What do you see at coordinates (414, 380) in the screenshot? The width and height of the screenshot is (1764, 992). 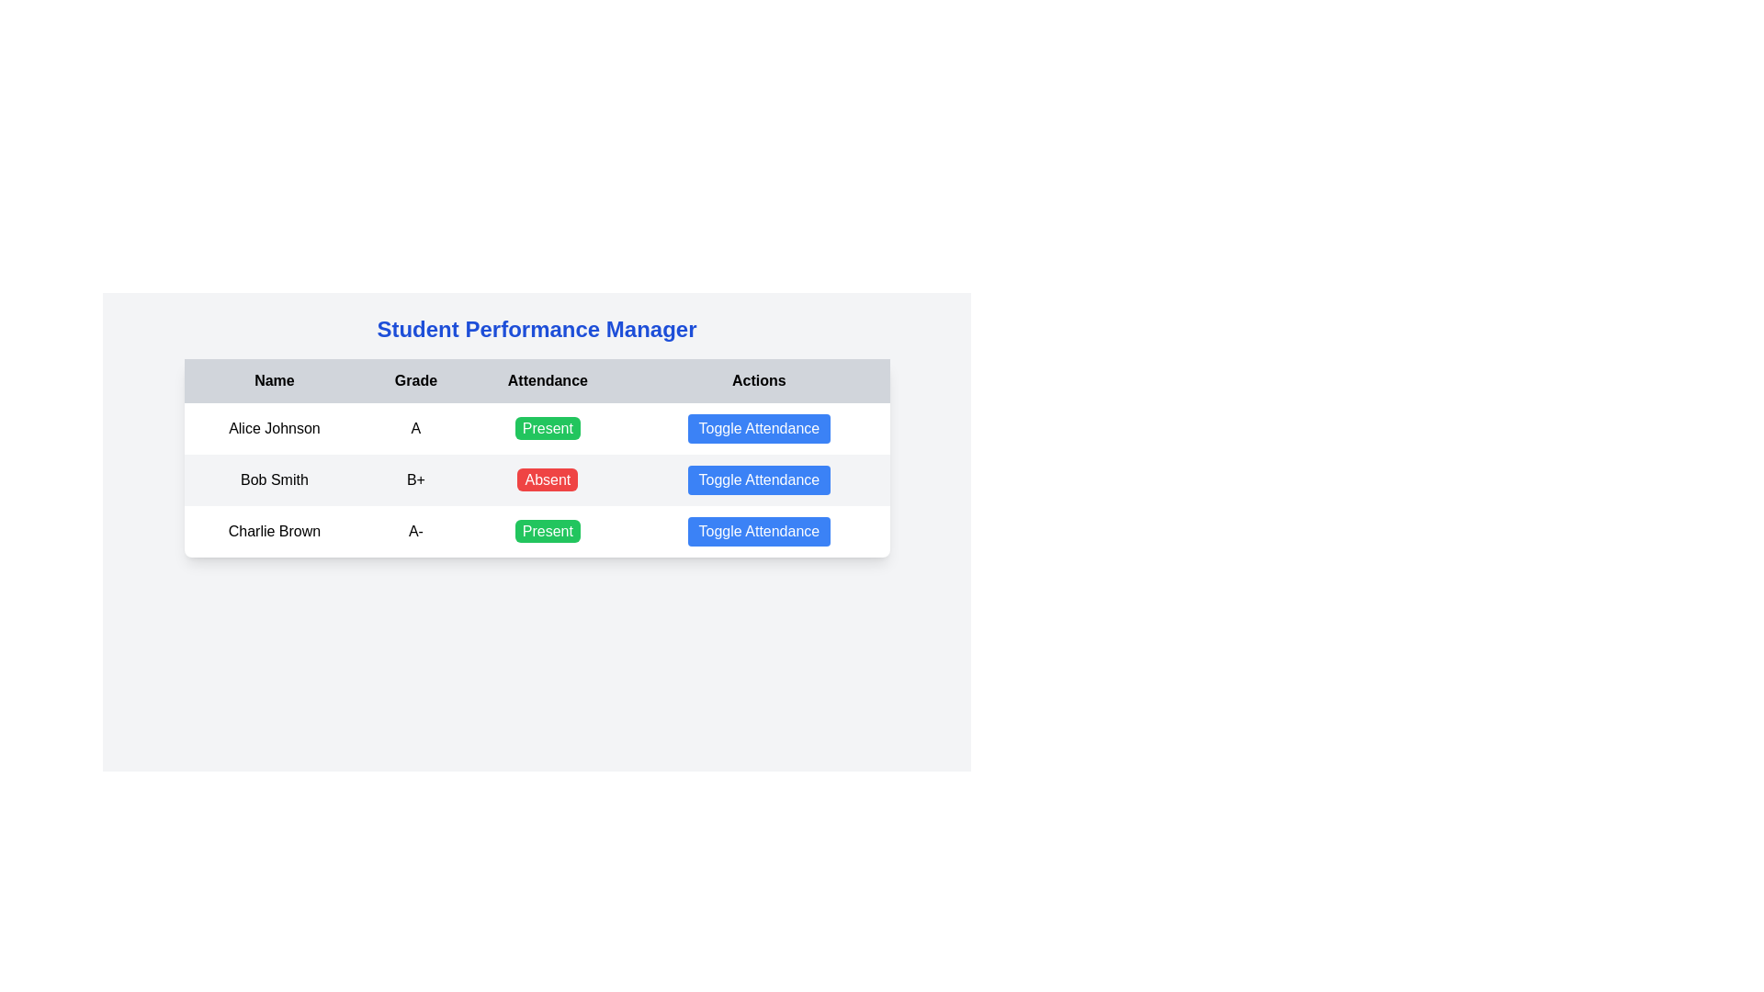 I see `the 'Grade' text label located in the second column of the header row of the table, which indicates the nature of the data in the column beneath it` at bounding box center [414, 380].